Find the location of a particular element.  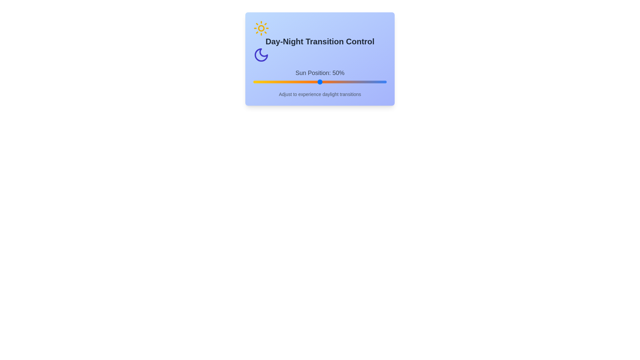

the sun position slider to 13% is located at coordinates (270, 82).